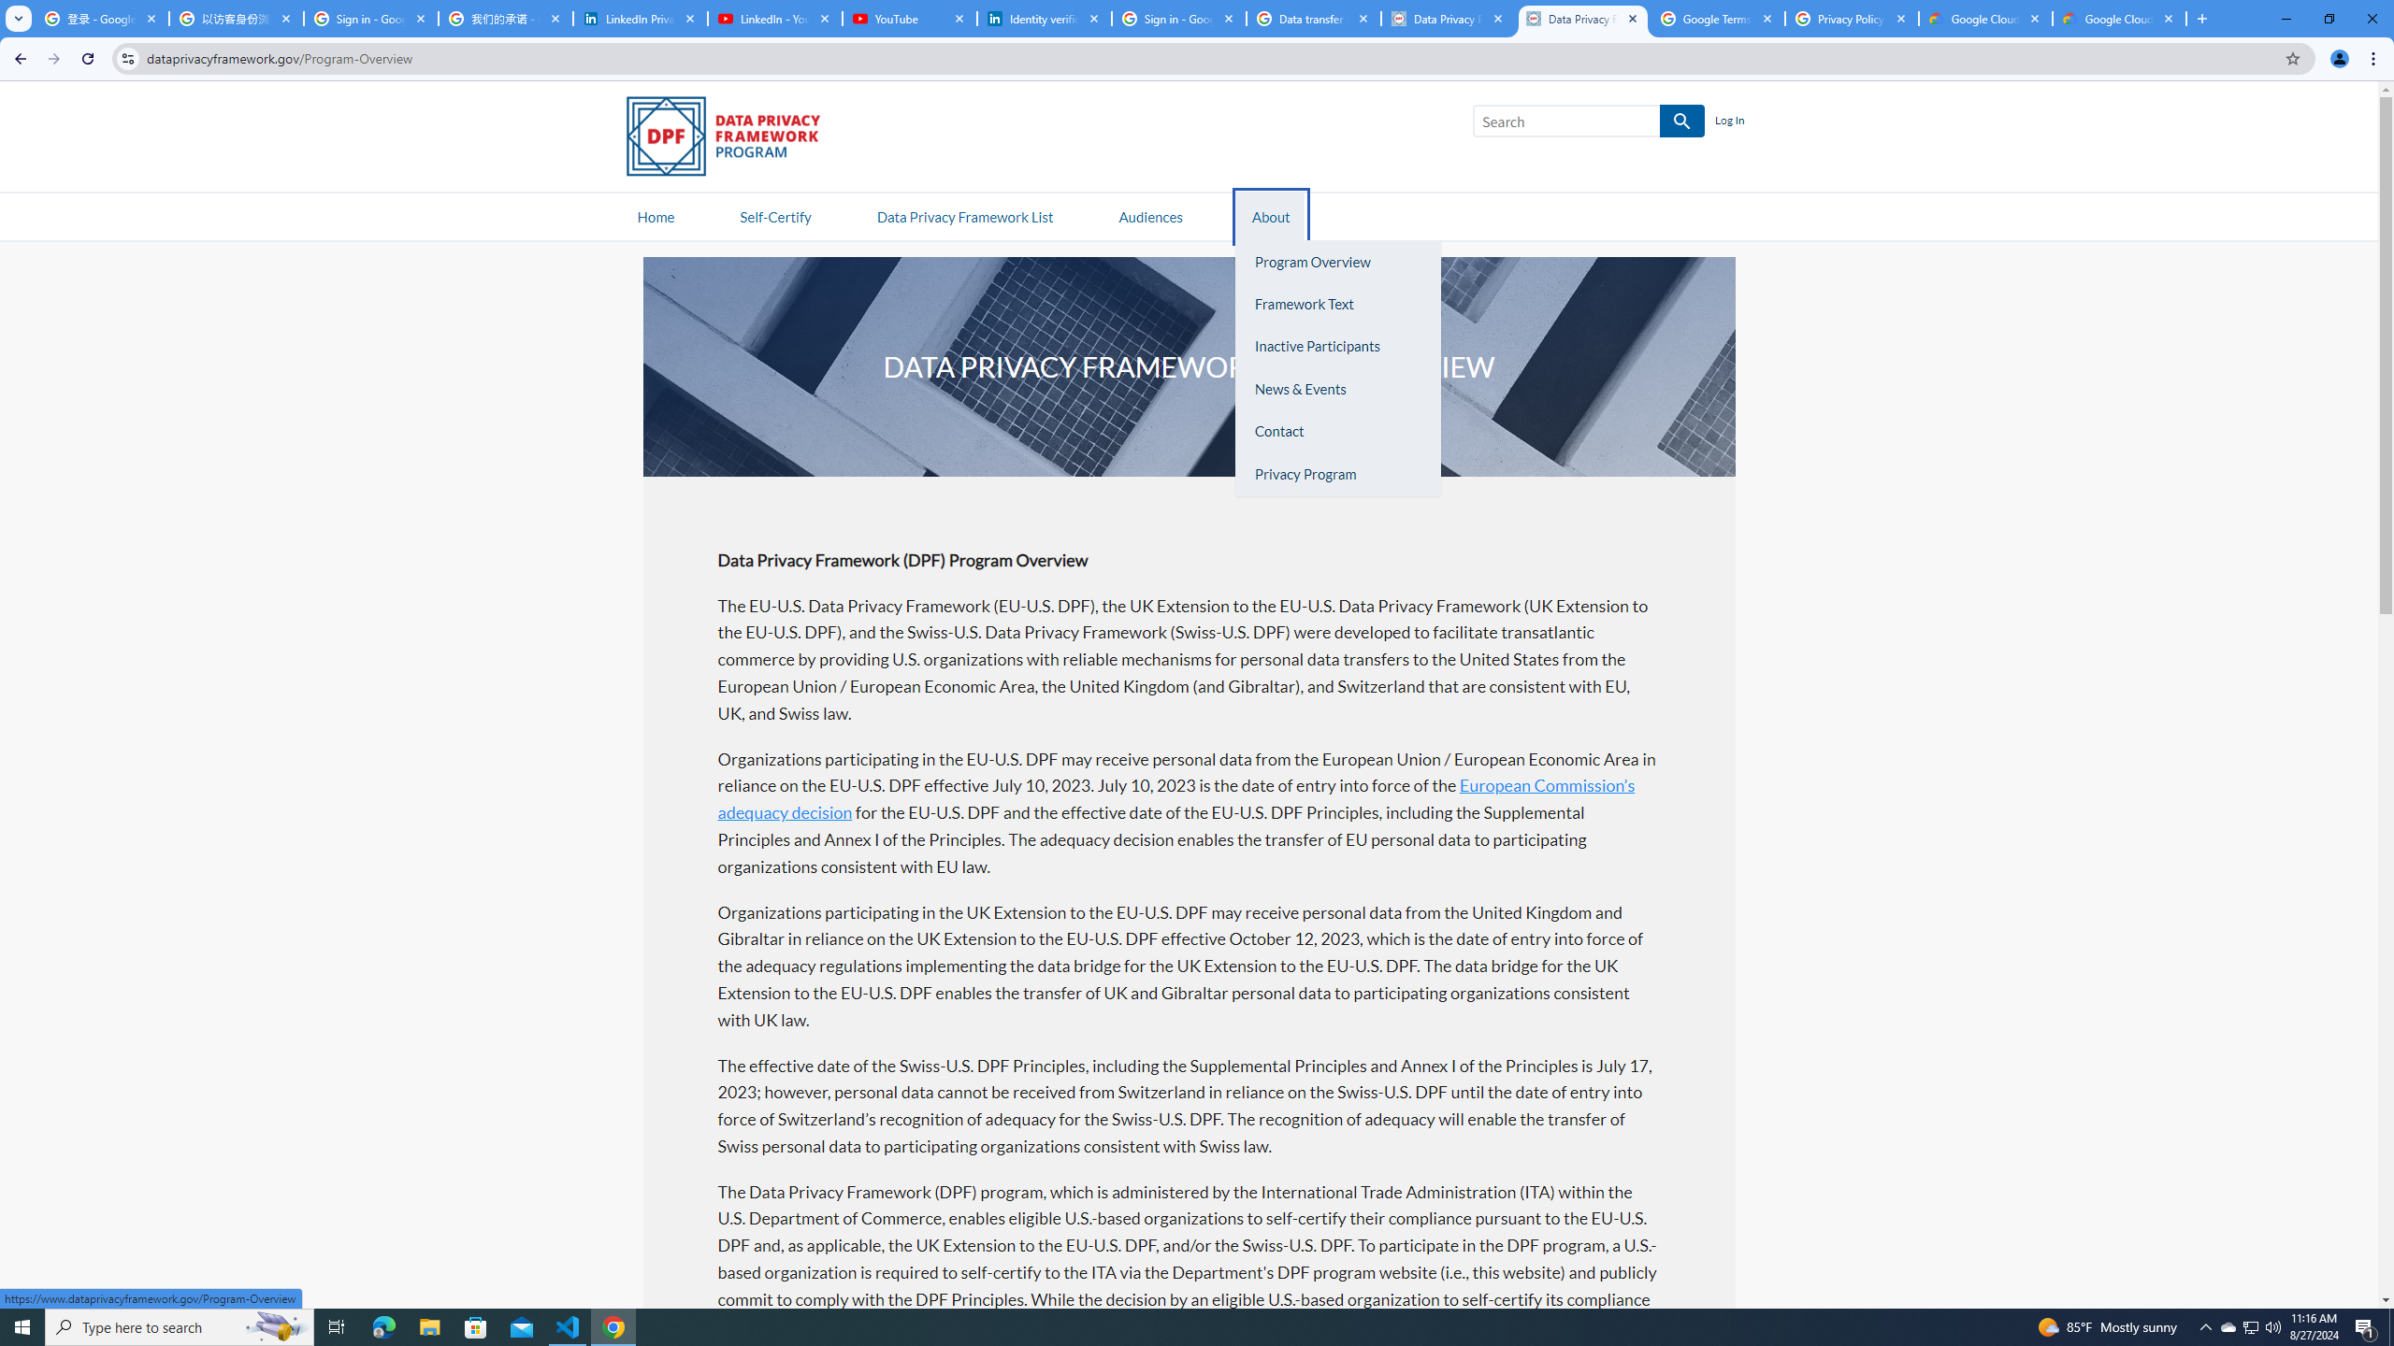  What do you see at coordinates (908, 18) in the screenshot?
I see `'YouTube'` at bounding box center [908, 18].